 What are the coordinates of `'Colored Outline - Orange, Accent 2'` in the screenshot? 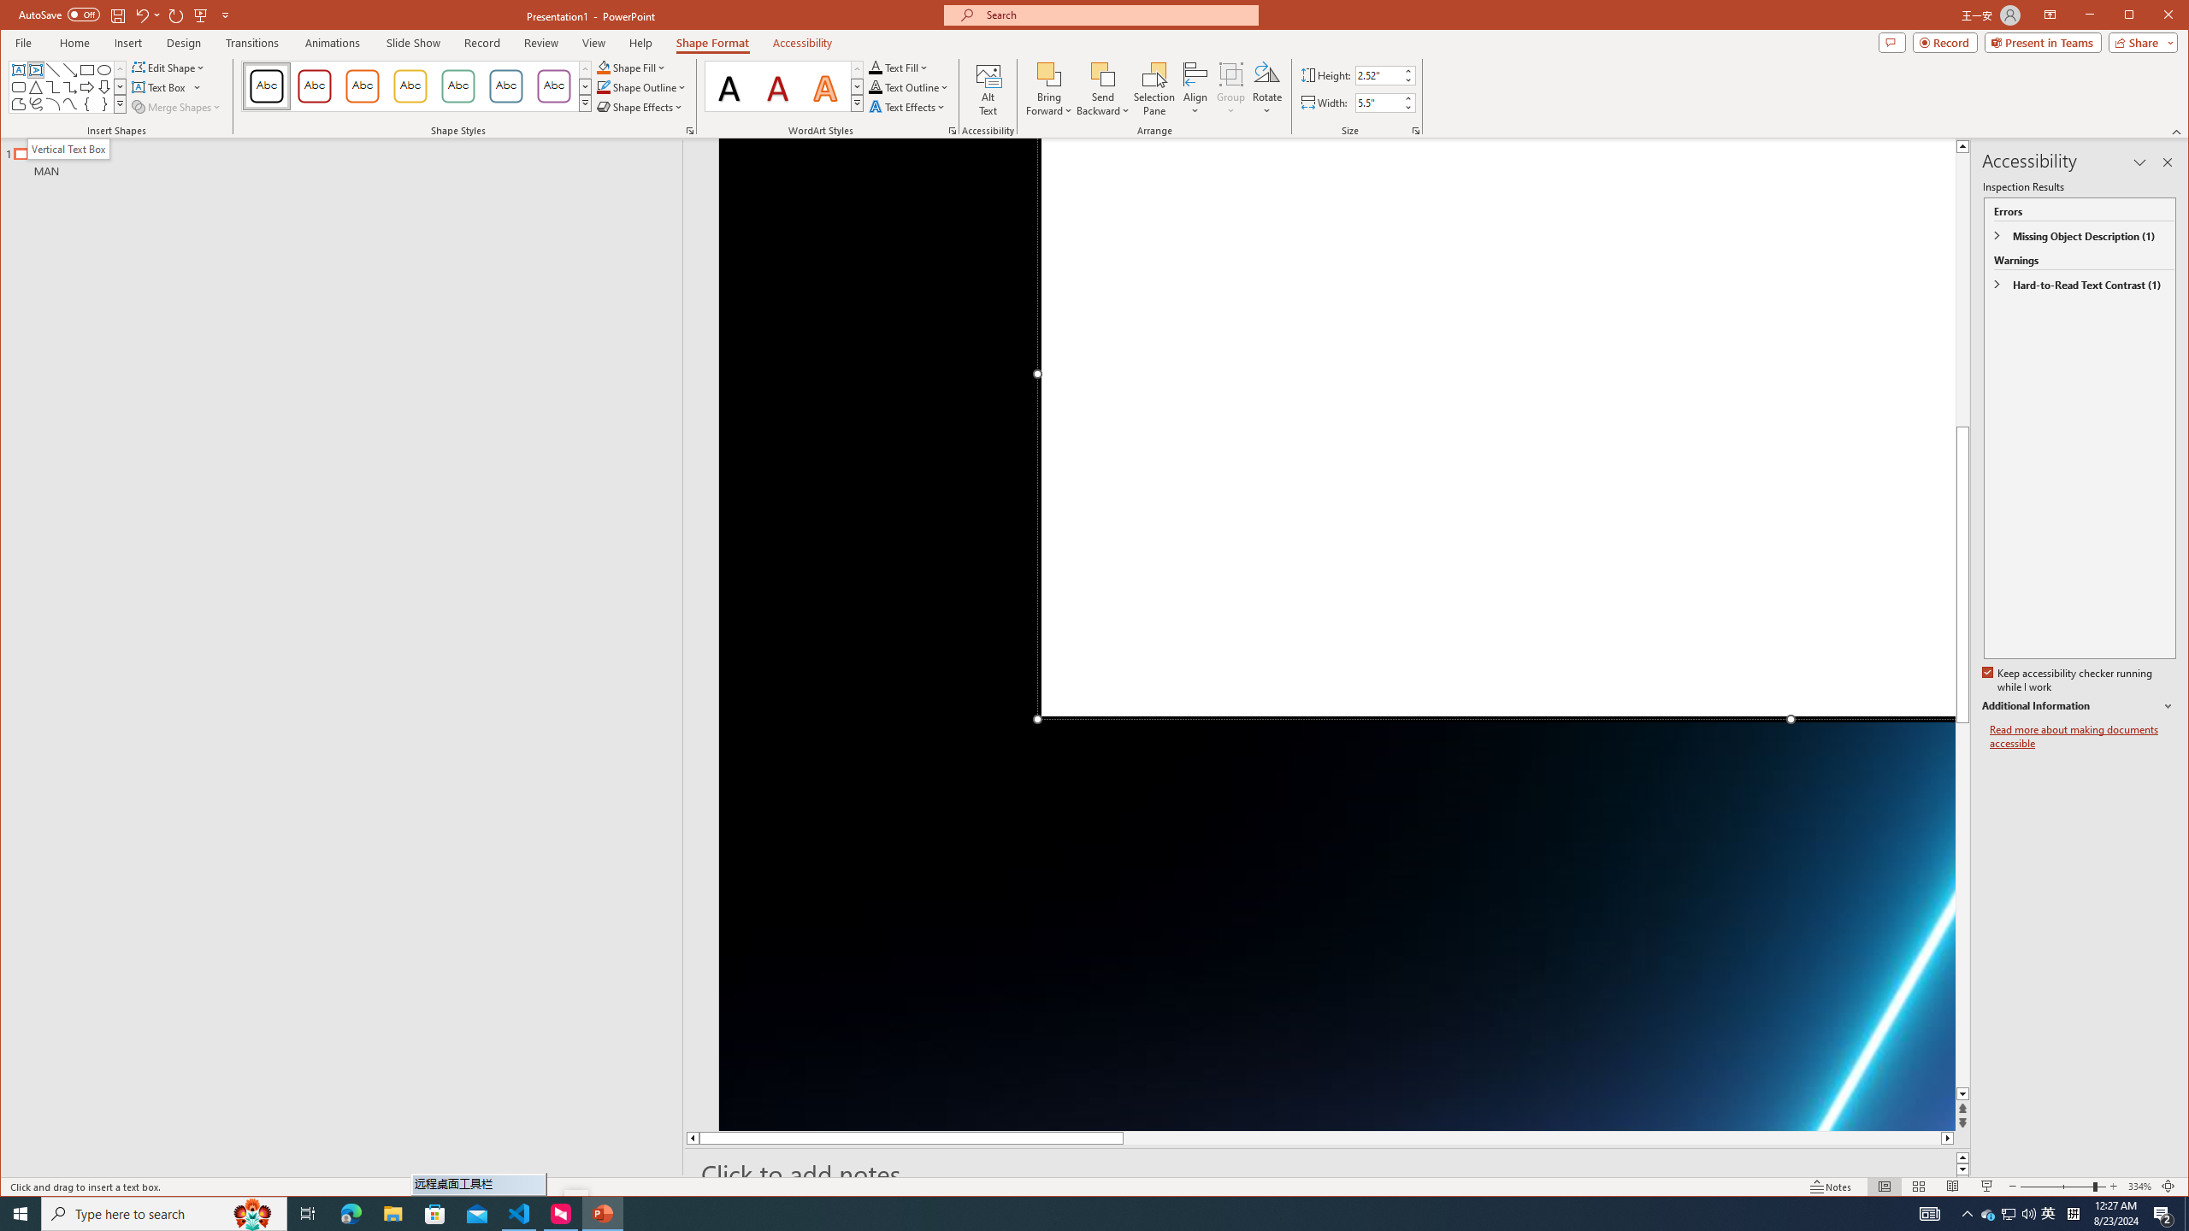 It's located at (362, 85).